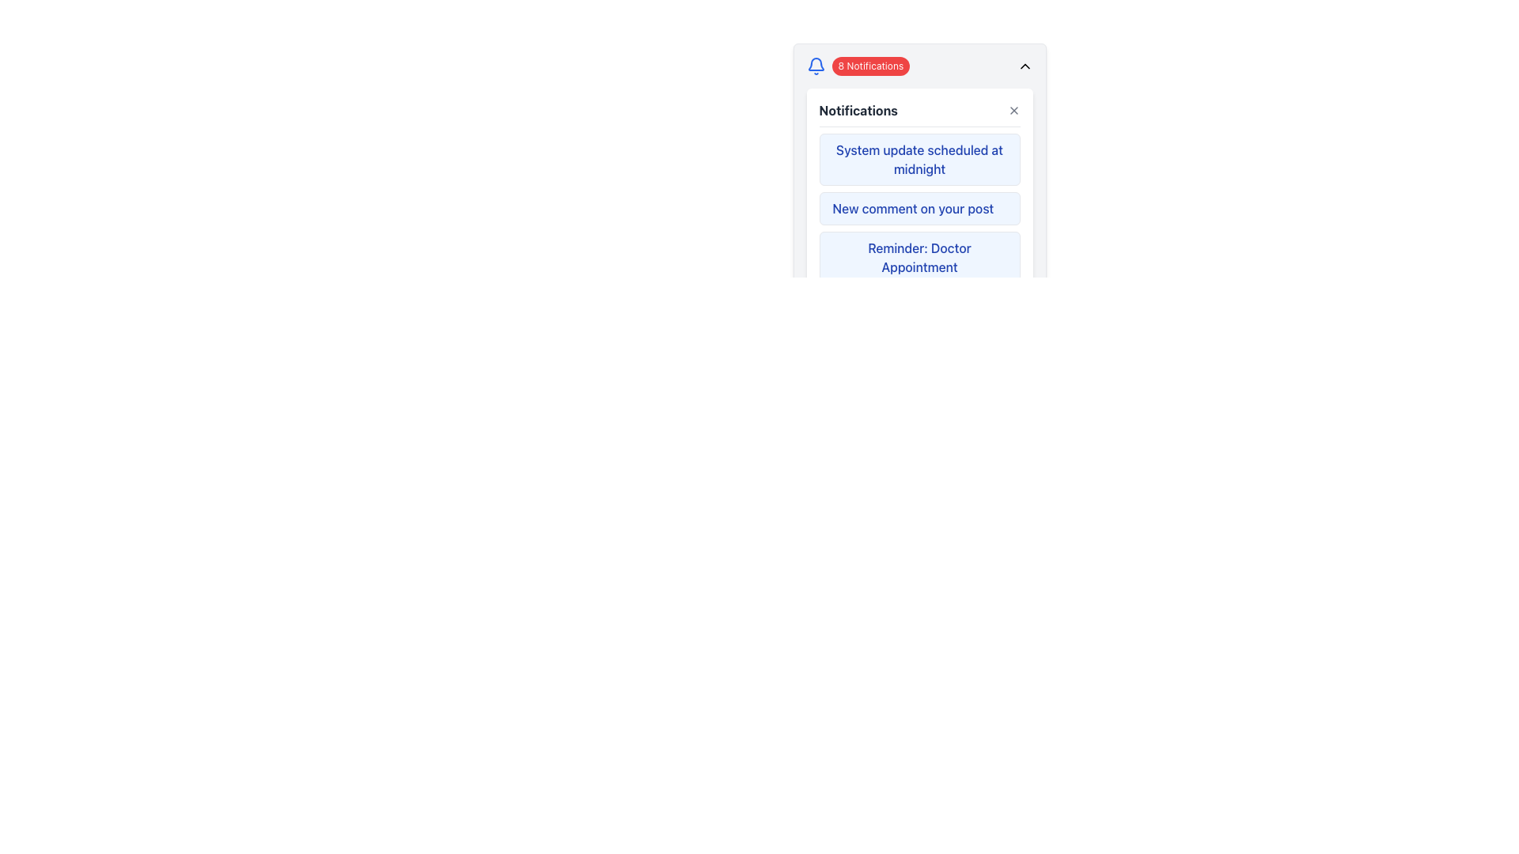 The width and height of the screenshot is (1519, 854). What do you see at coordinates (919, 207) in the screenshot?
I see `the notification item styled as a rectangular button with rounded corners and a pale blue background, which contains the text 'New comment on your post'. This notification is the second in a vertical list within the notification panel` at bounding box center [919, 207].